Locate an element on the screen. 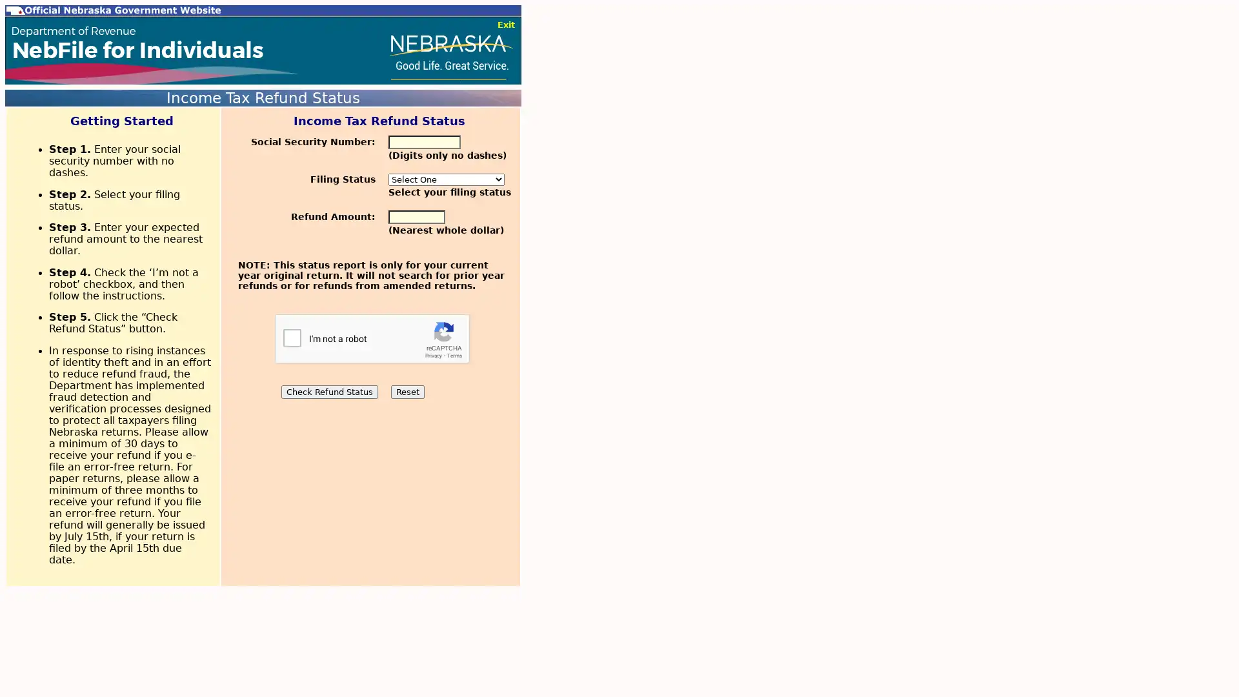 Image resolution: width=1239 pixels, height=697 pixels. Check Refund Status is located at coordinates (328, 391).